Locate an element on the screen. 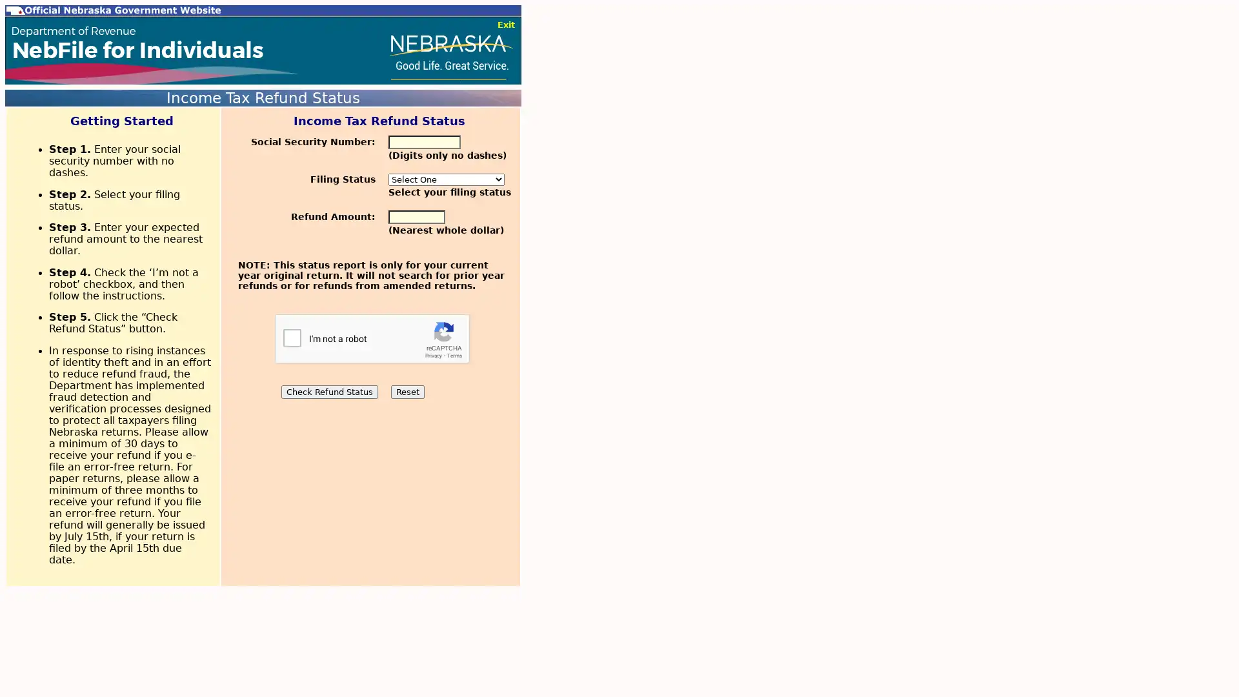 Image resolution: width=1239 pixels, height=697 pixels. Check Refund Status is located at coordinates (328, 391).